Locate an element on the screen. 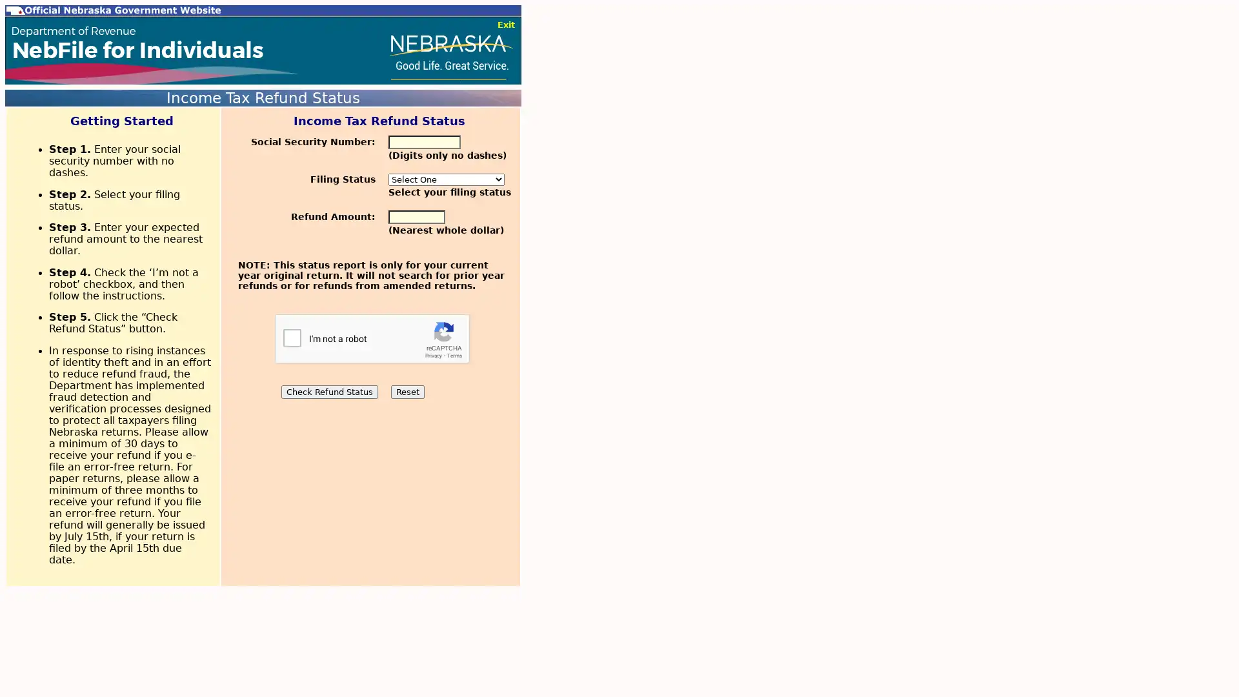 Image resolution: width=1239 pixels, height=697 pixels. Check Refund Status is located at coordinates (328, 391).